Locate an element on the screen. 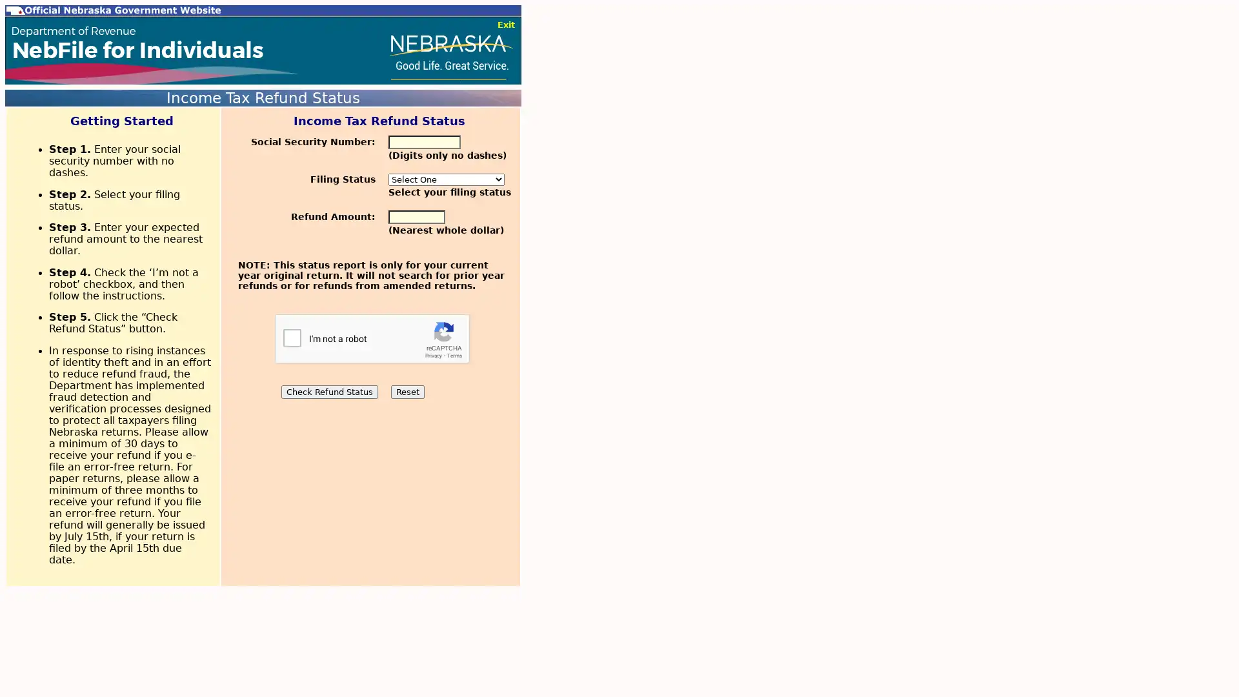 Image resolution: width=1239 pixels, height=697 pixels. Check Refund Status is located at coordinates (328, 391).